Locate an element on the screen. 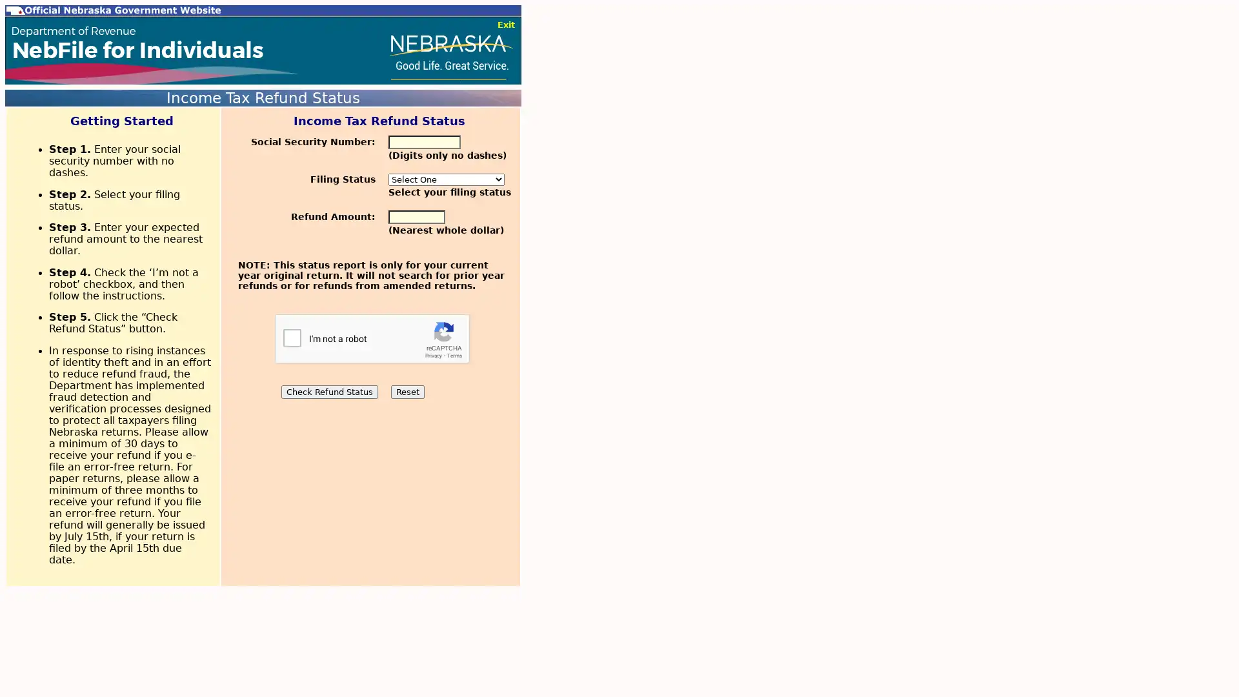 Image resolution: width=1239 pixels, height=697 pixels. Check Refund Status is located at coordinates (328, 391).